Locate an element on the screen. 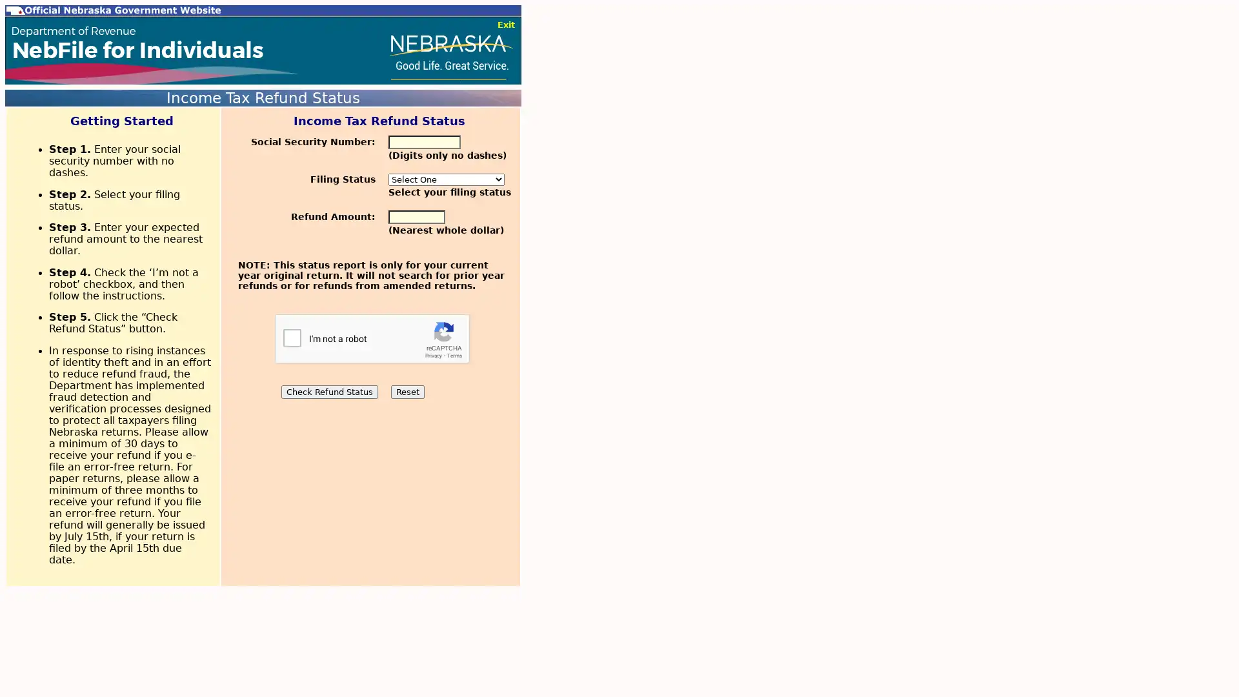 Image resolution: width=1239 pixels, height=697 pixels. Check Refund Status is located at coordinates (328, 391).